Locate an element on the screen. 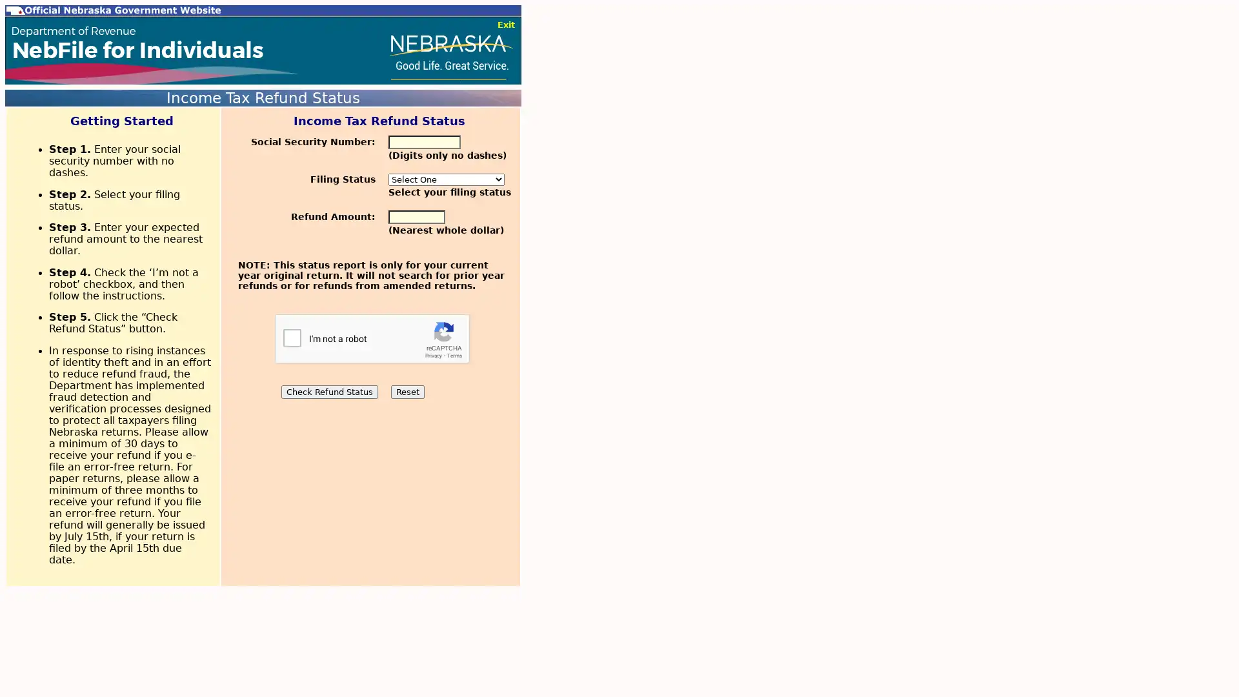 Image resolution: width=1239 pixels, height=697 pixels. Check Refund Status is located at coordinates (328, 391).